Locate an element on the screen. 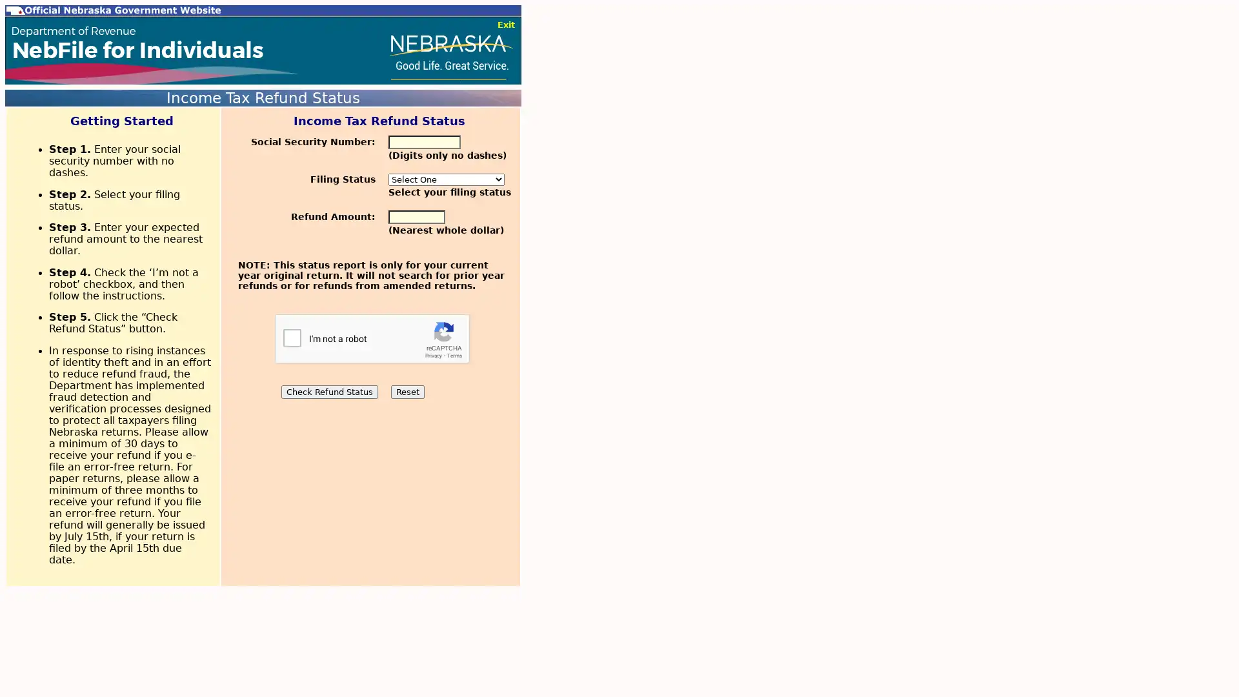 Image resolution: width=1239 pixels, height=697 pixels. Check Refund Status is located at coordinates (328, 391).